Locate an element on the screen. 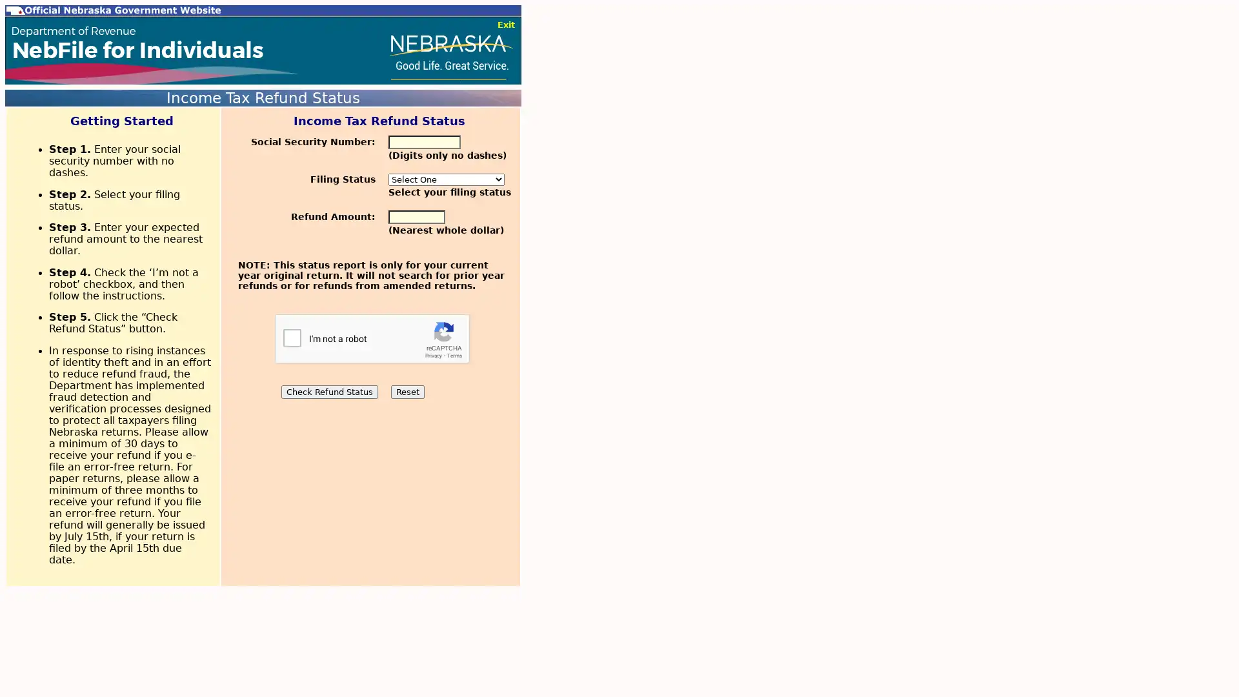 Image resolution: width=1239 pixels, height=697 pixels. Check Refund Status is located at coordinates (328, 391).